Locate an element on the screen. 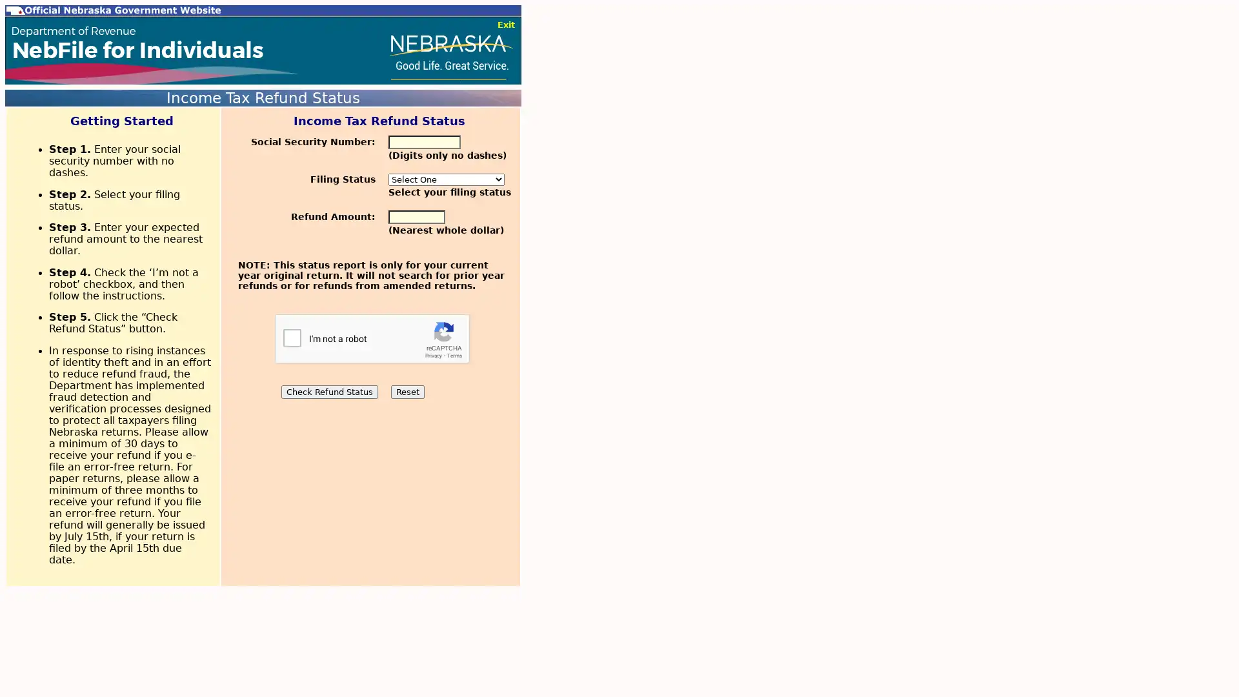 Image resolution: width=1239 pixels, height=697 pixels. Check Refund Status is located at coordinates (328, 391).